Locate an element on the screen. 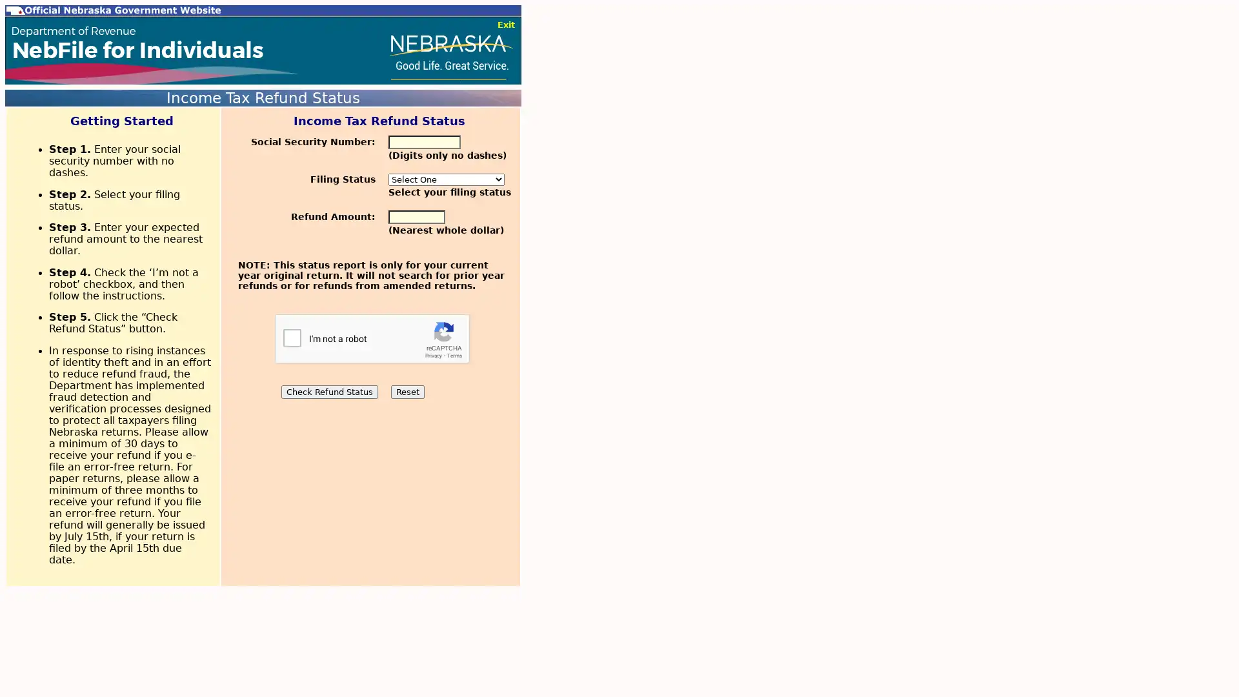 Image resolution: width=1239 pixels, height=697 pixels. Check Refund Status is located at coordinates (328, 391).